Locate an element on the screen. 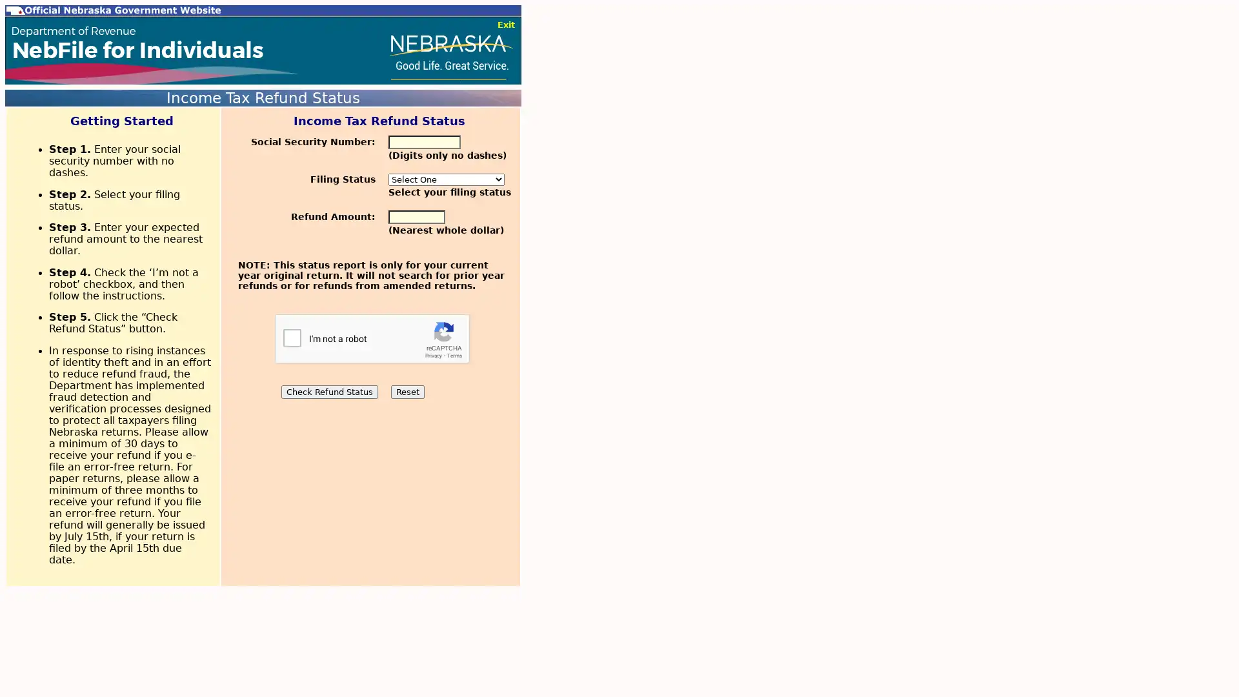 Image resolution: width=1239 pixels, height=697 pixels. Check Refund Status is located at coordinates (328, 391).